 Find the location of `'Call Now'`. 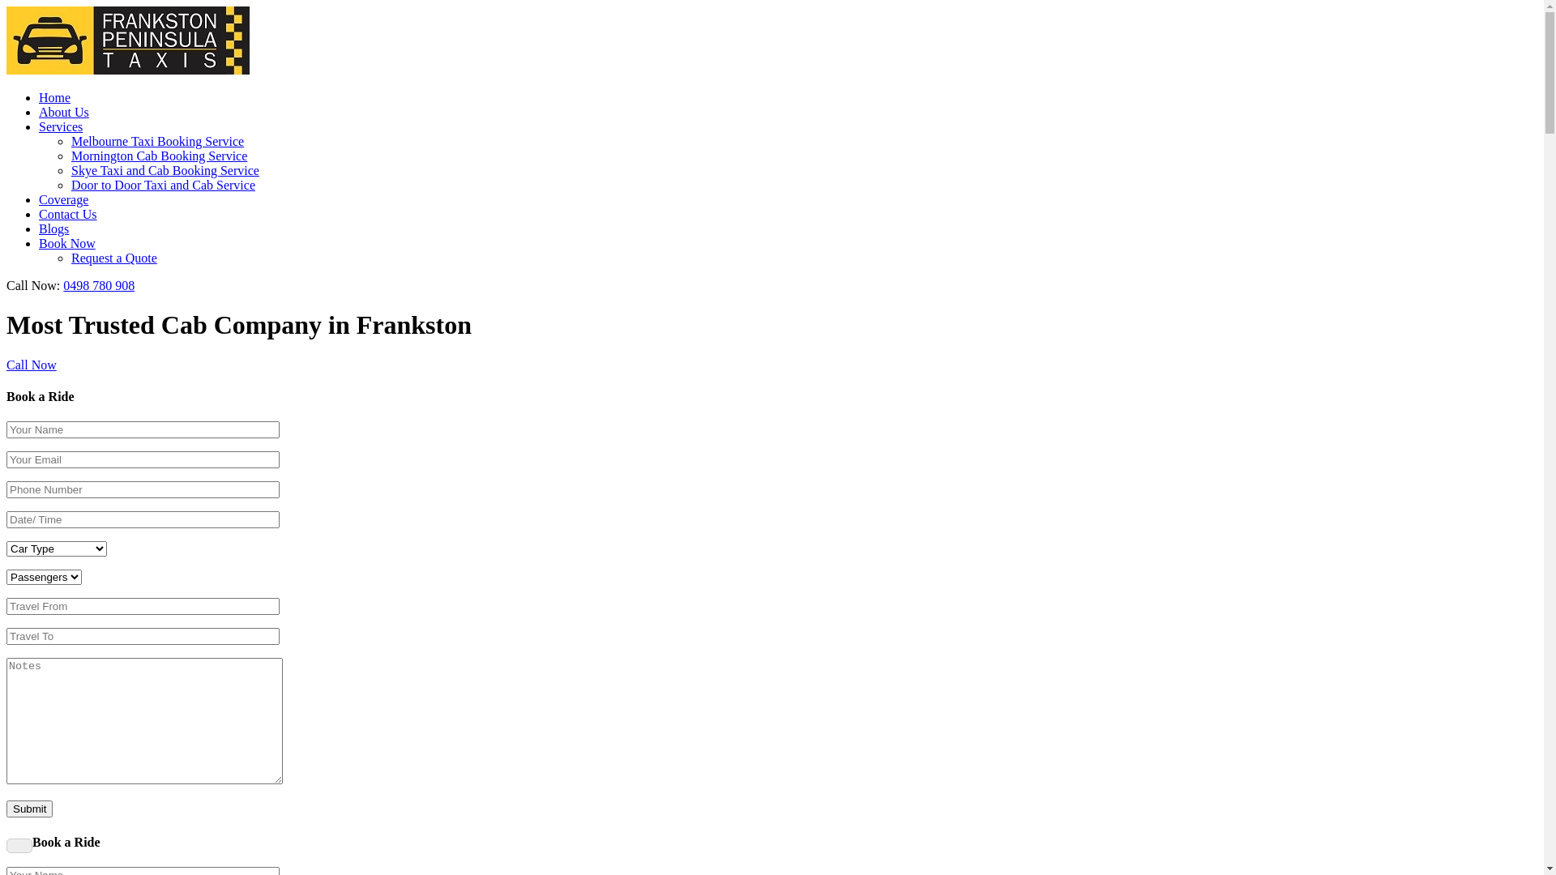

'Call Now' is located at coordinates (31, 365).